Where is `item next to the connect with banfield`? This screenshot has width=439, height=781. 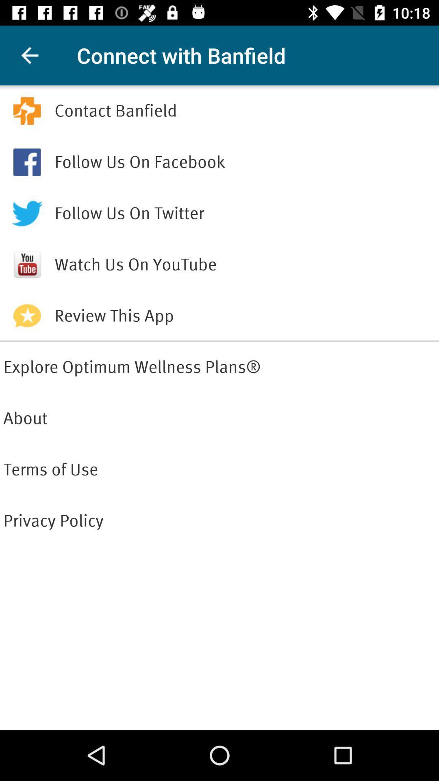 item next to the connect with banfield is located at coordinates (29, 55).